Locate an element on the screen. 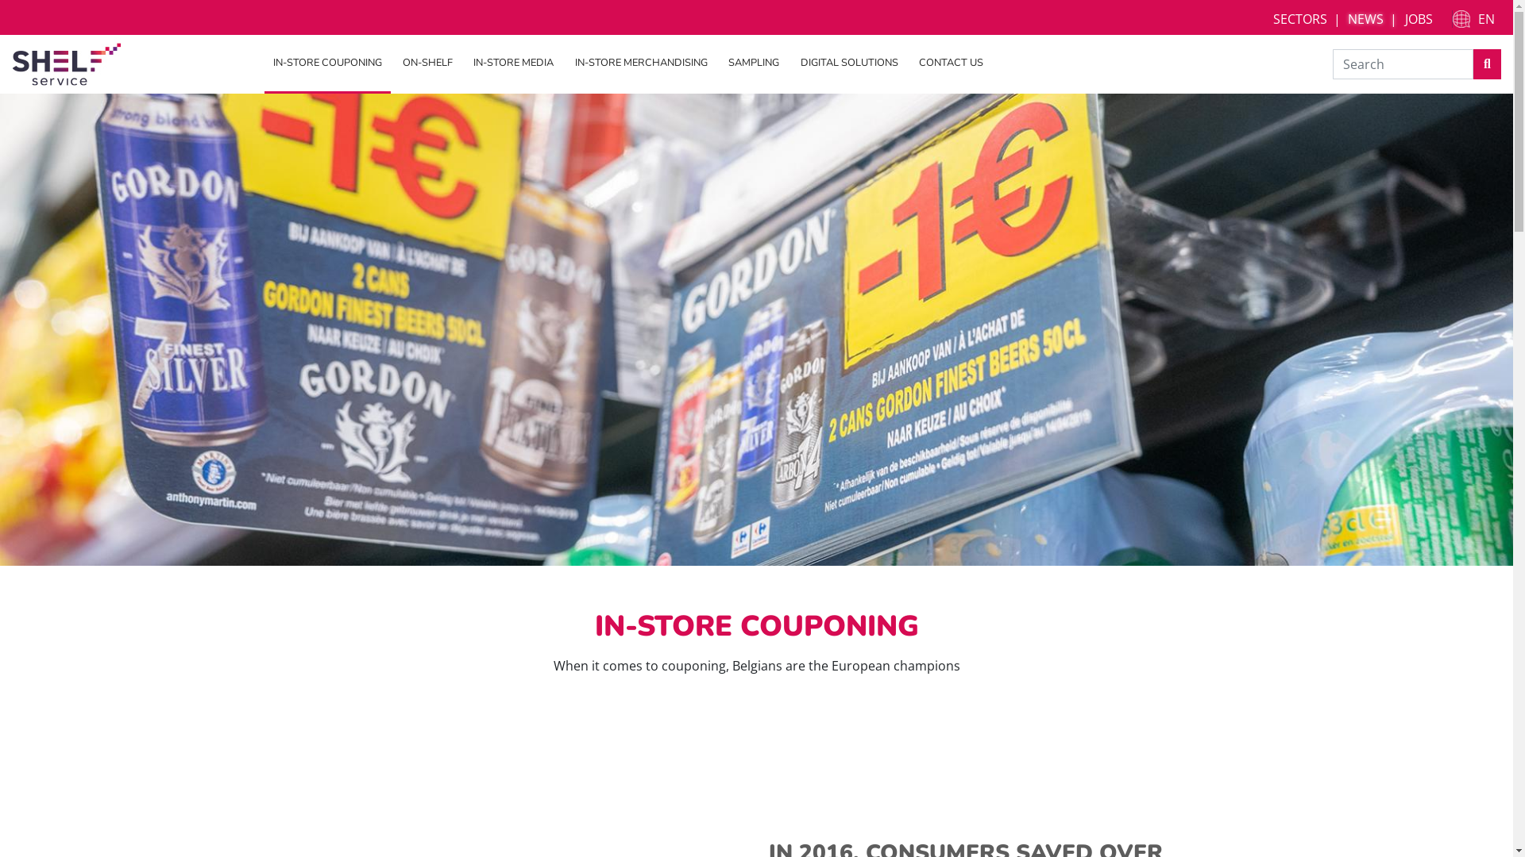  'JOBS' is located at coordinates (1419, 18).